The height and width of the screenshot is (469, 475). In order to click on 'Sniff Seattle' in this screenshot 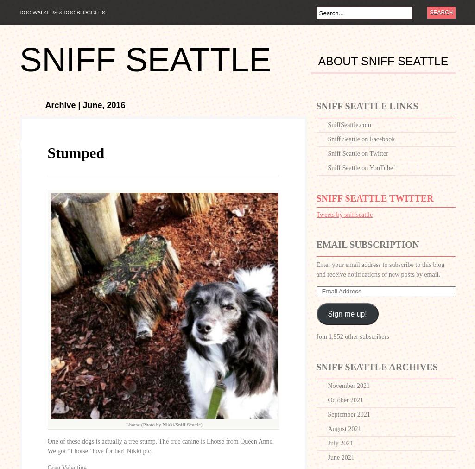, I will do `click(145, 60)`.